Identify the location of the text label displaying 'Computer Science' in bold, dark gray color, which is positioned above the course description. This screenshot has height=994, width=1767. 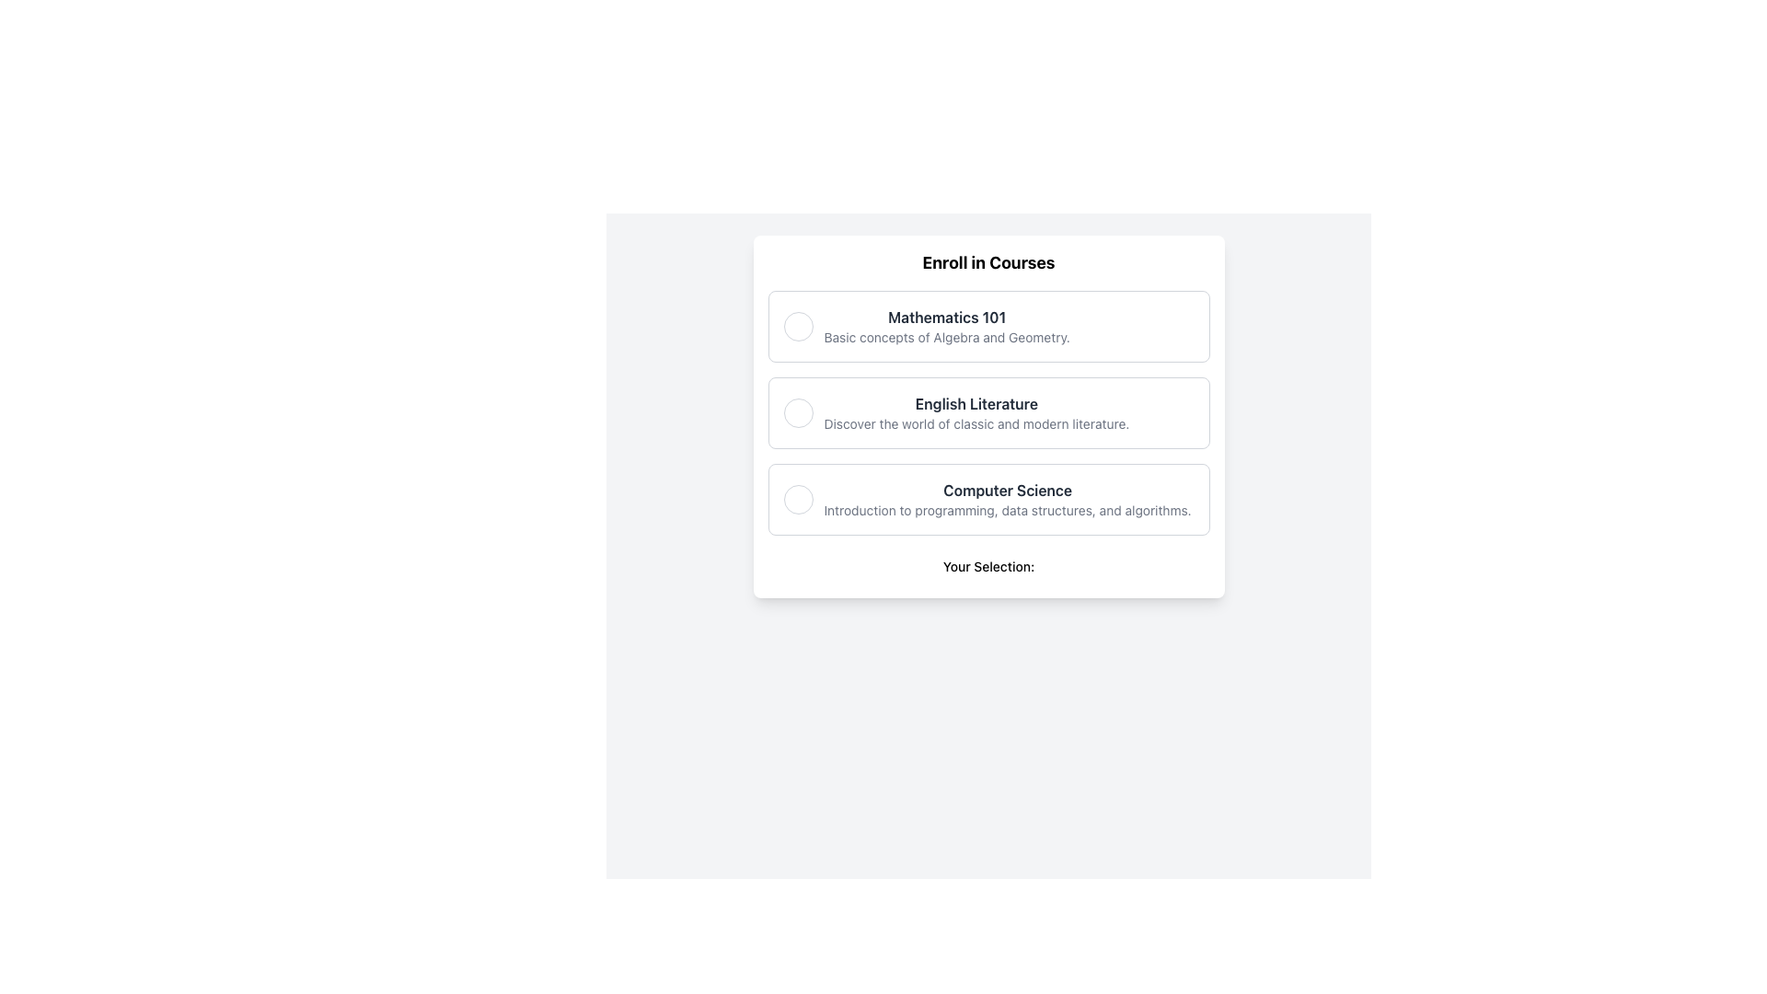
(1007, 489).